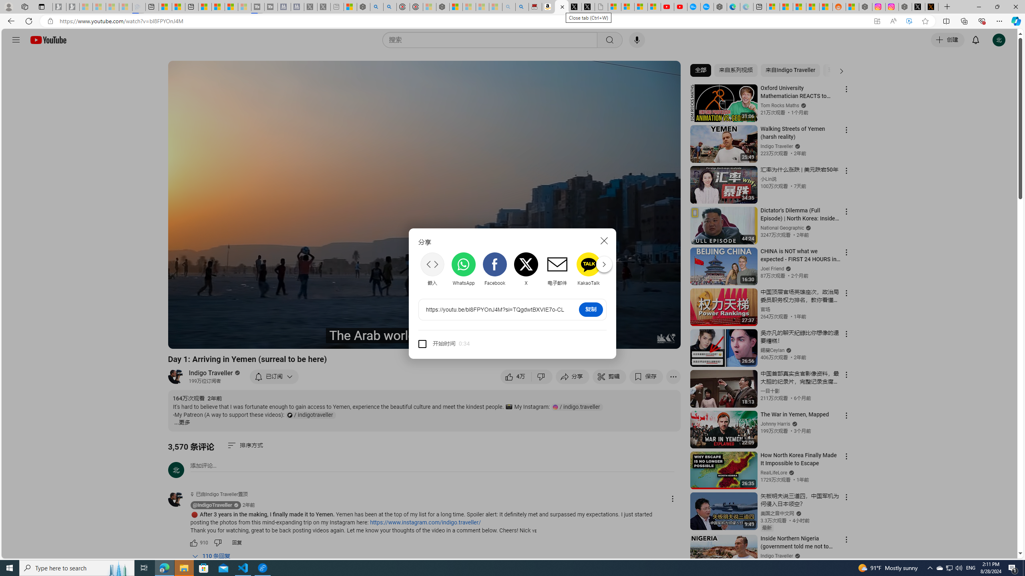  I want to click on 'AutomationID: share-url', so click(494, 309).